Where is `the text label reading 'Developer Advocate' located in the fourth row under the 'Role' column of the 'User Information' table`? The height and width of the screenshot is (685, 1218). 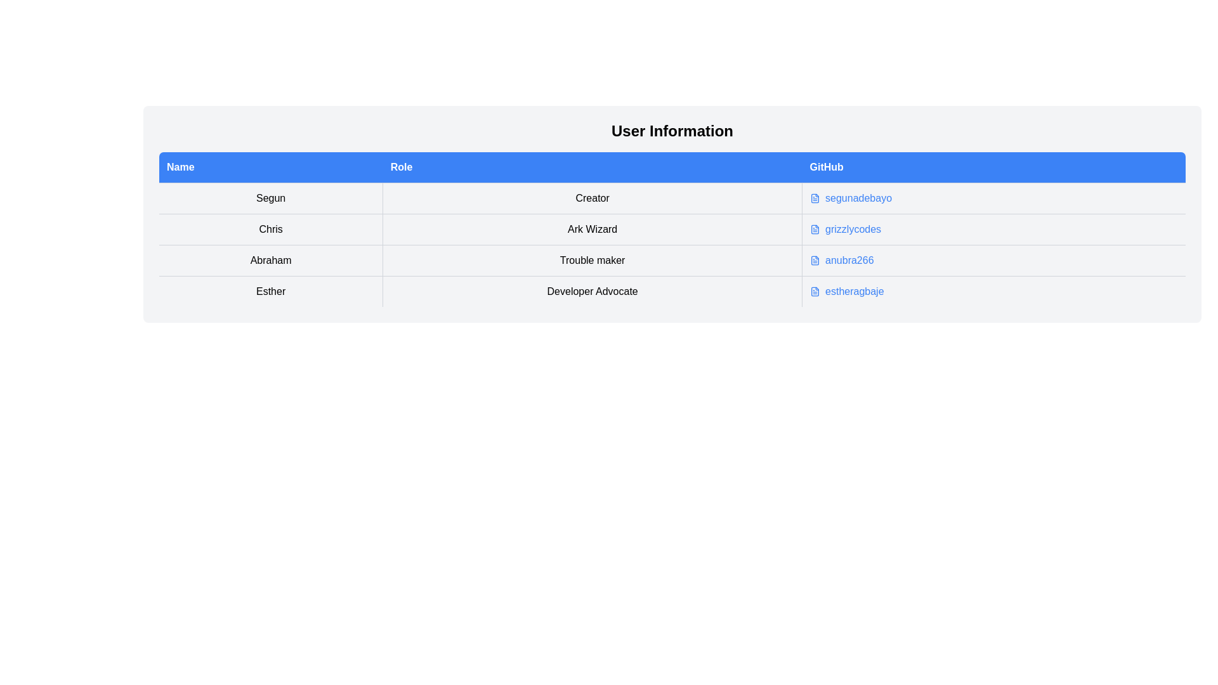 the text label reading 'Developer Advocate' located in the fourth row under the 'Role' column of the 'User Information' table is located at coordinates (592, 291).